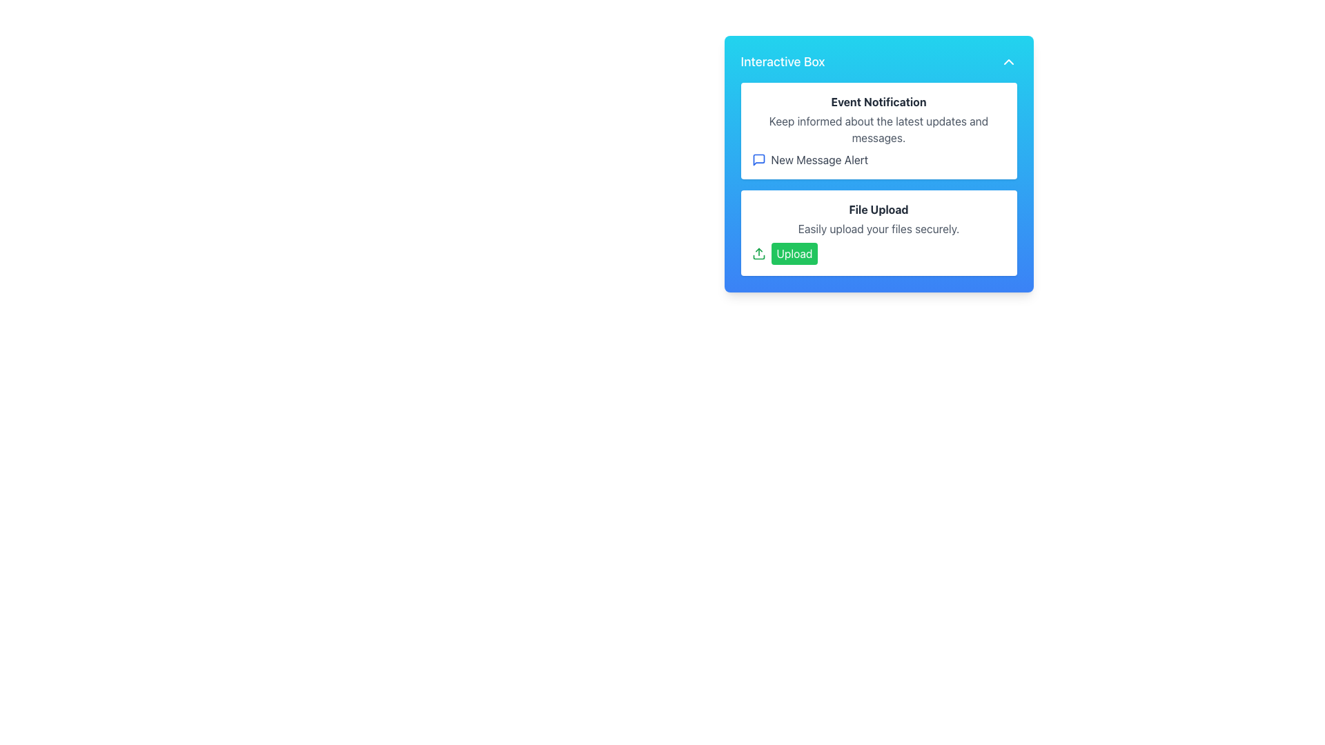 This screenshot has width=1325, height=745. Describe the element at coordinates (794, 253) in the screenshot. I see `the file upload button located in the 'File Upload' section of the 'Interactive Box'` at that location.